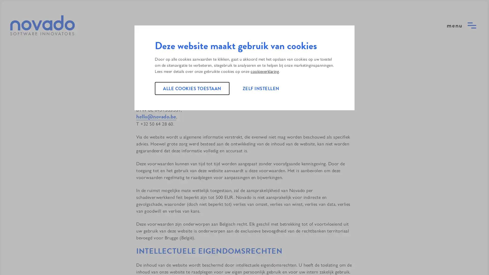 The width and height of the screenshot is (489, 275). What do you see at coordinates (192, 88) in the screenshot?
I see `ALLE COOKIES TOESTAAN` at bounding box center [192, 88].